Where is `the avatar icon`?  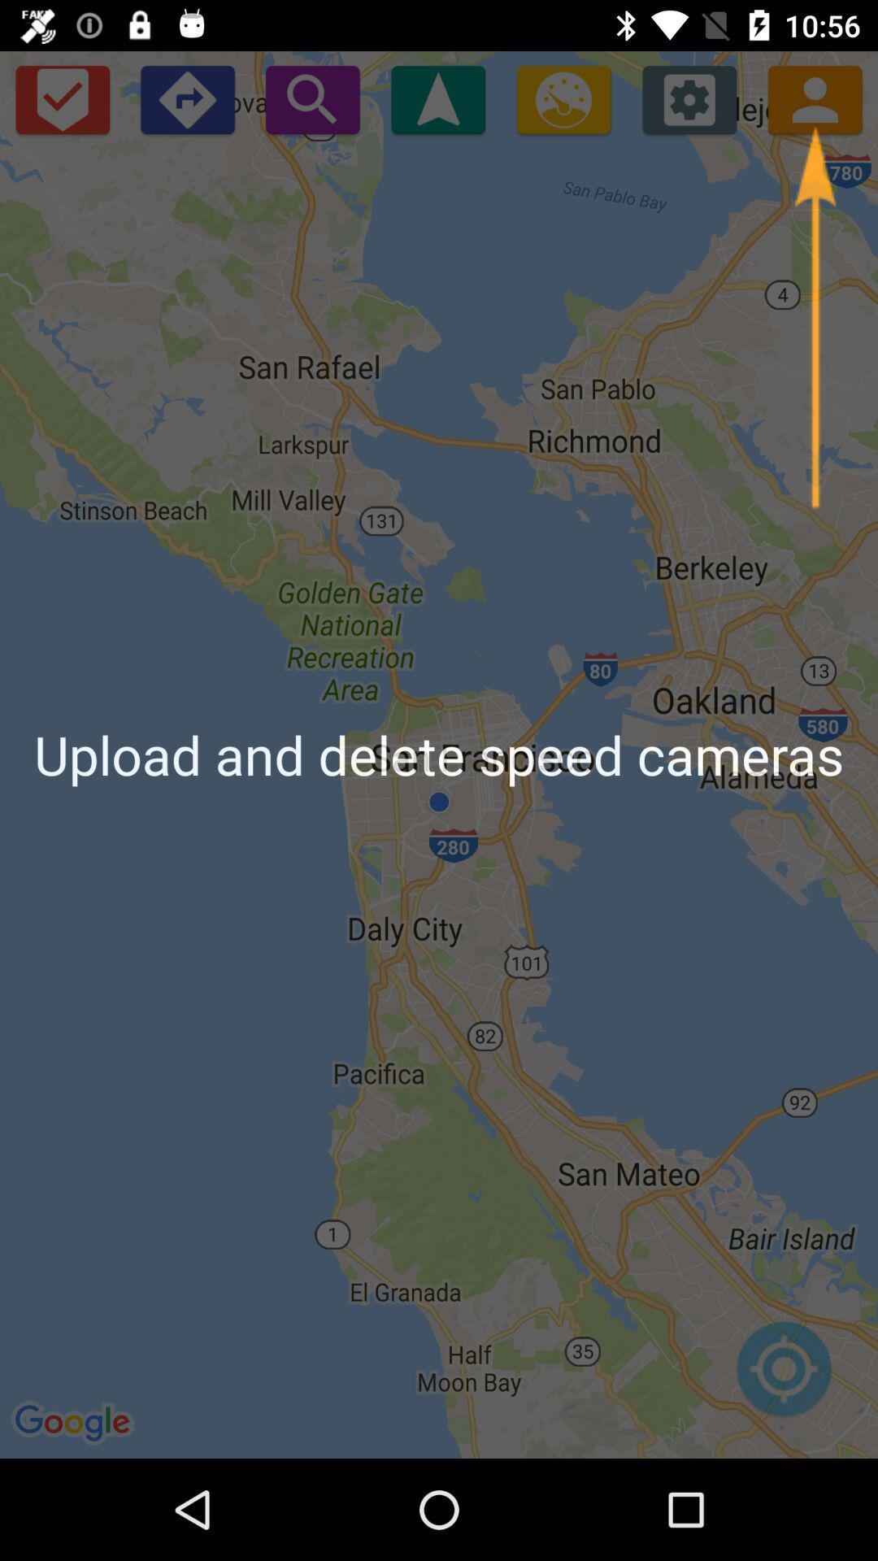
the avatar icon is located at coordinates (815, 98).